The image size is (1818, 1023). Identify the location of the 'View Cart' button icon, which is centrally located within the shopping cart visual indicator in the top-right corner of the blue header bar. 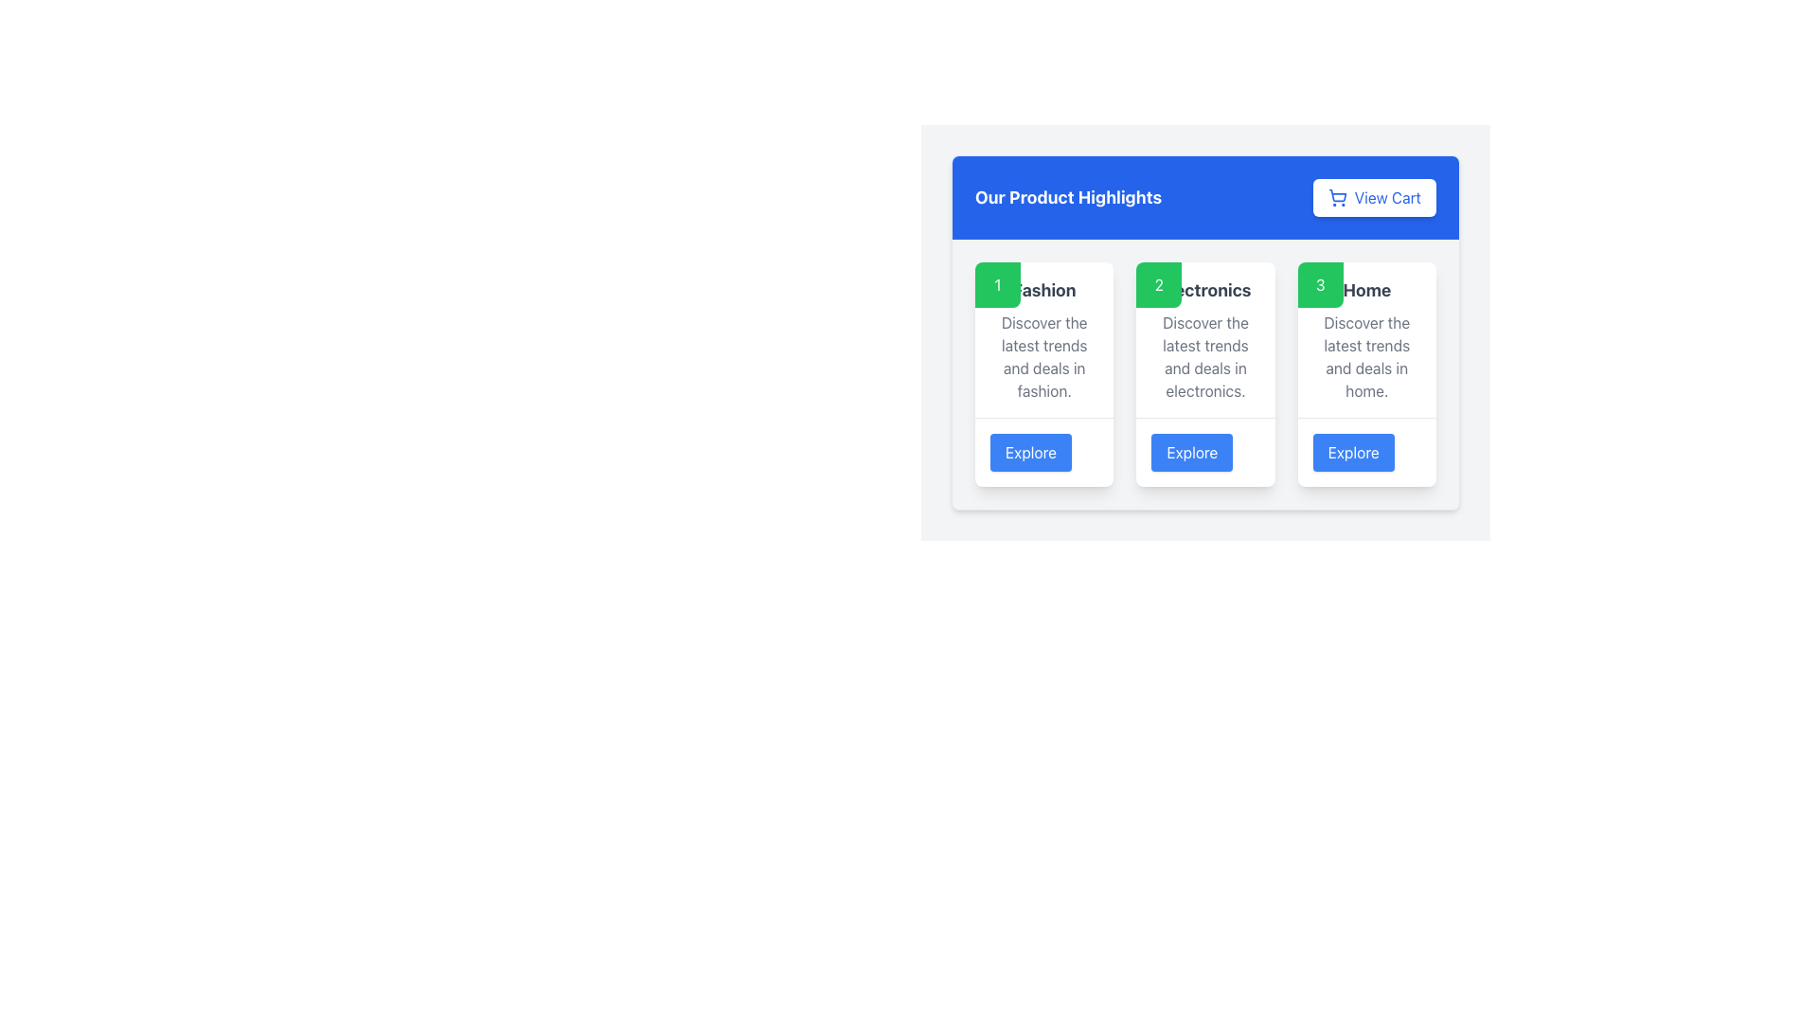
(1336, 195).